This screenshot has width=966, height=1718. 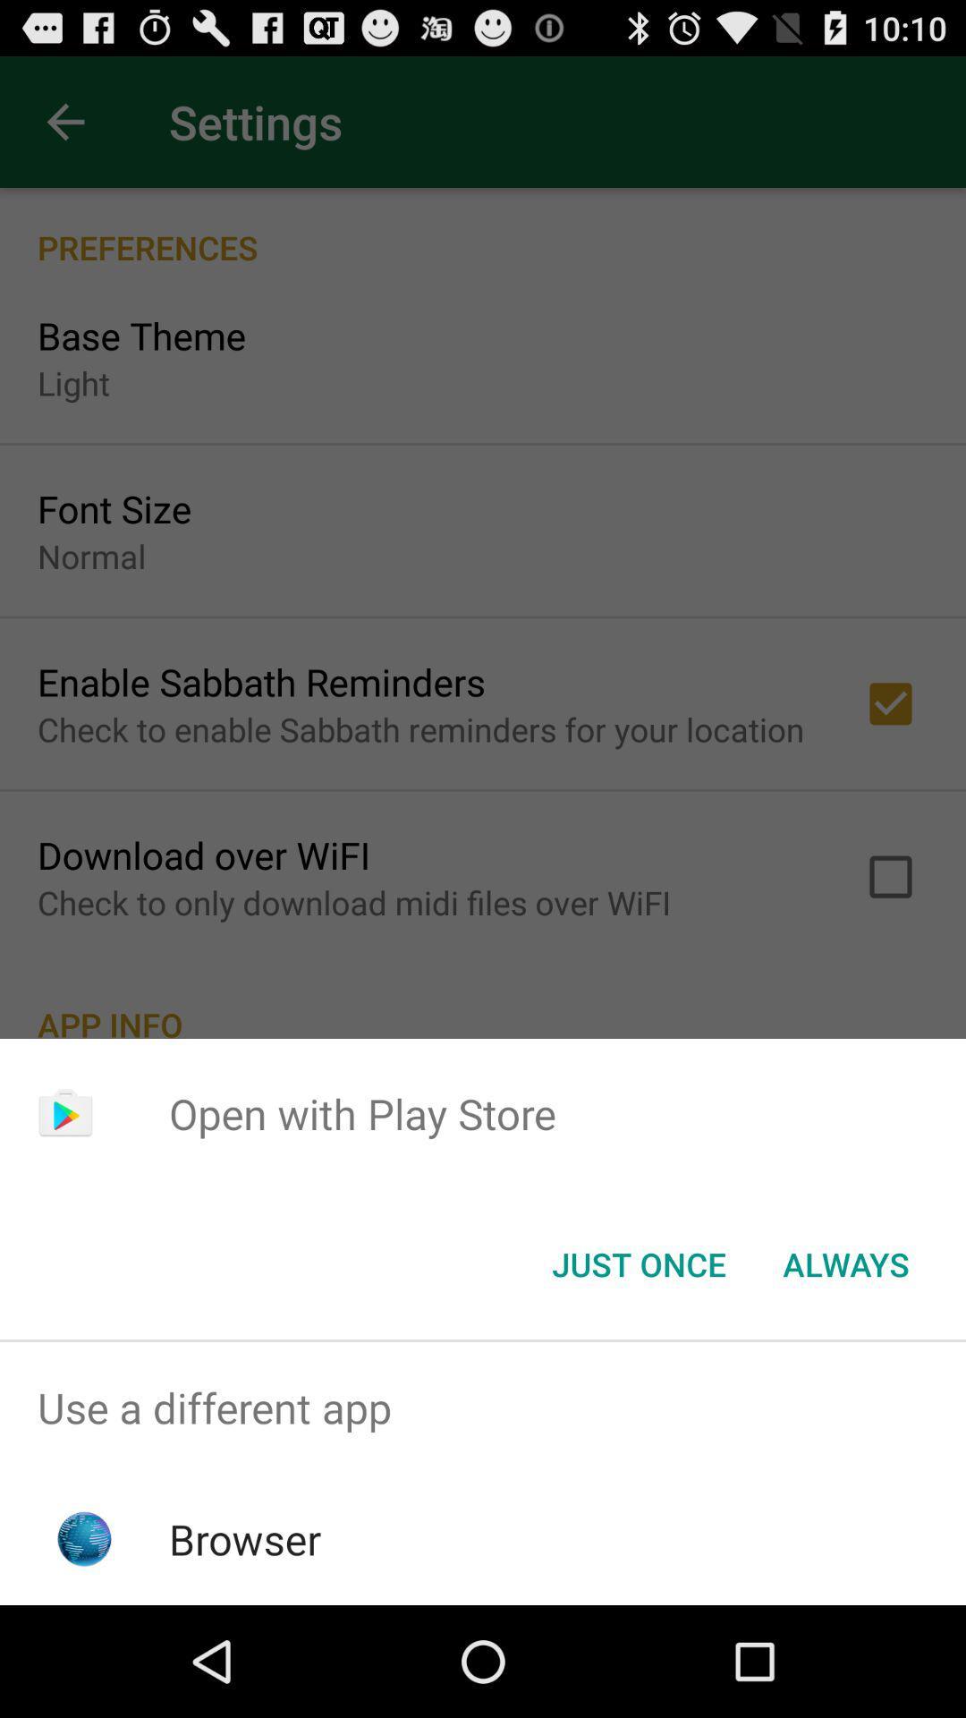 I want to click on just once button, so click(x=638, y=1263).